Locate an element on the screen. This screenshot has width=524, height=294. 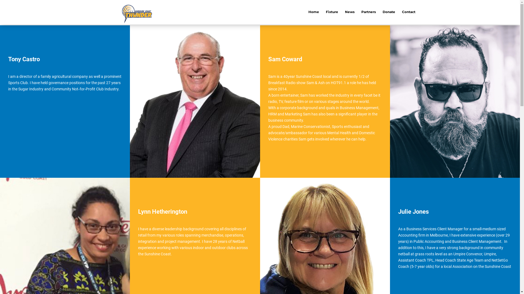
'Donate' is located at coordinates (389, 12).